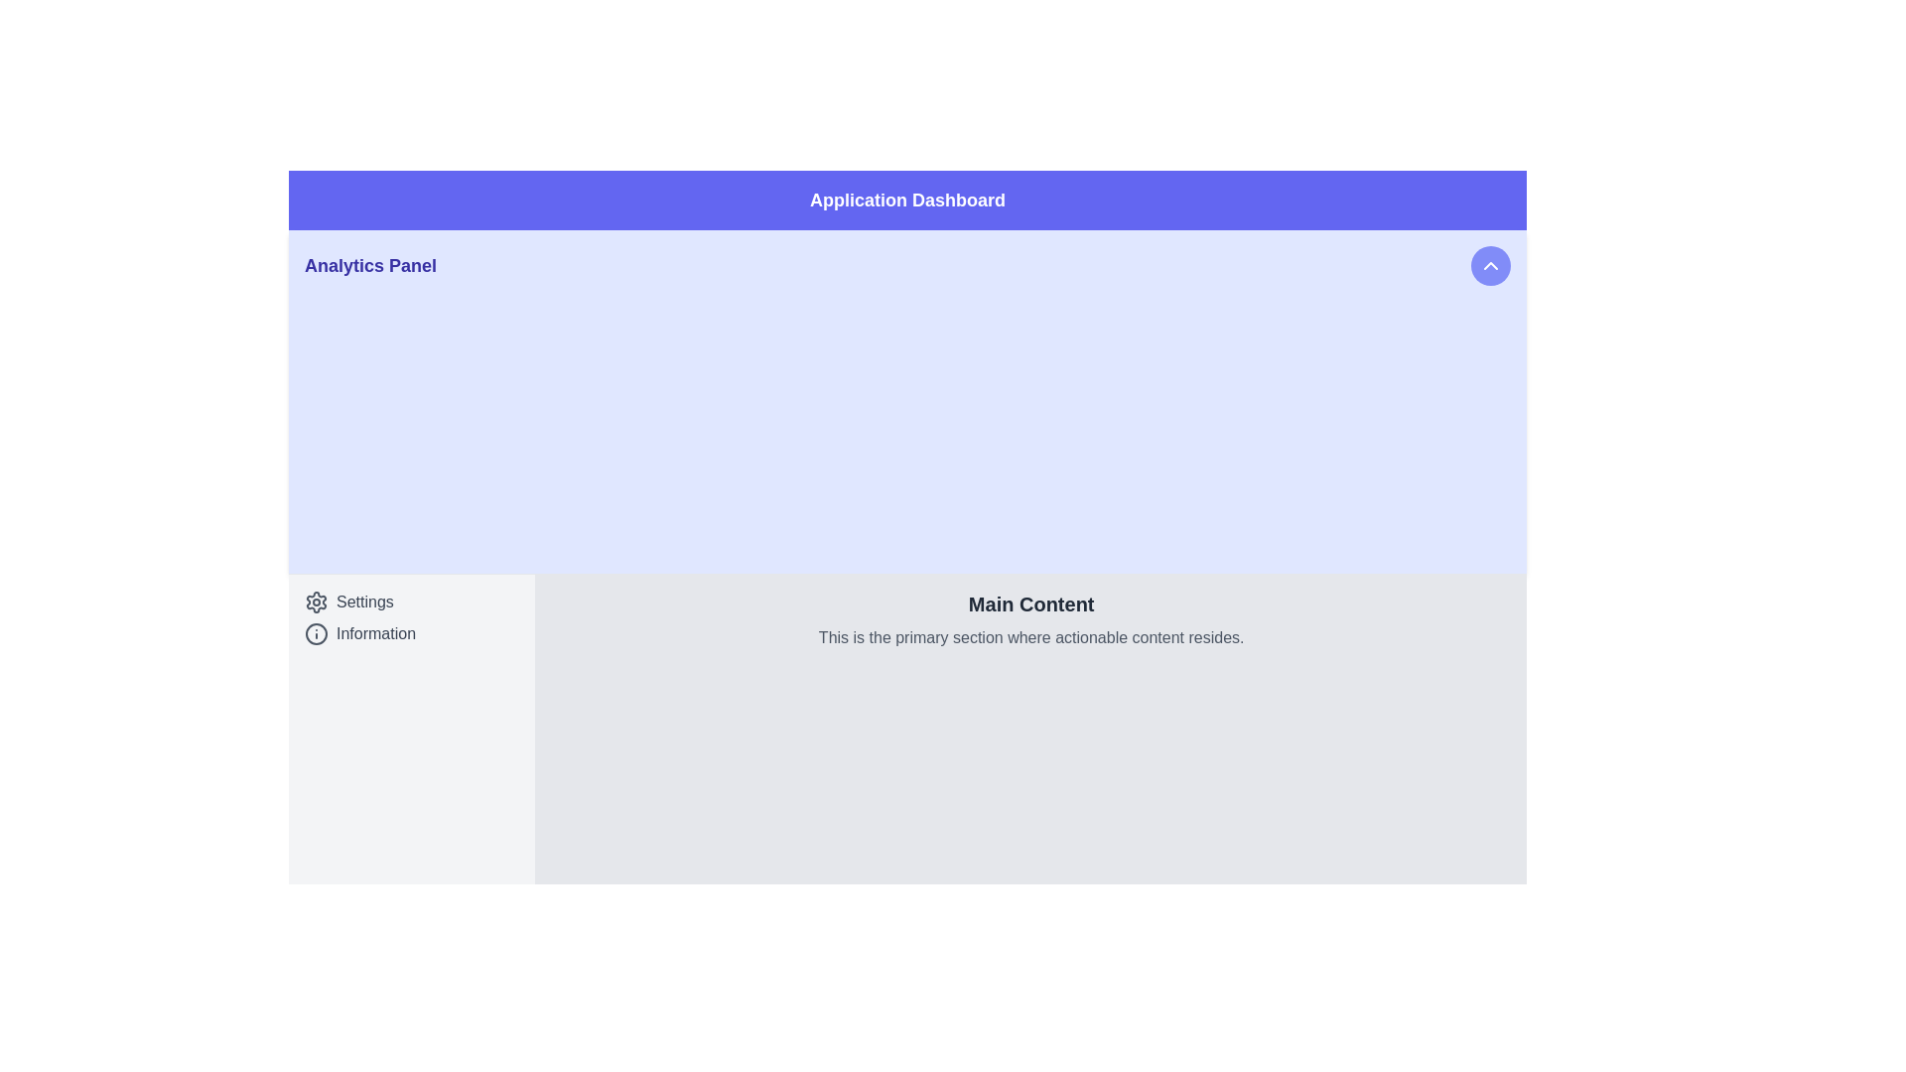  Describe the element at coordinates (1031, 603) in the screenshot. I see `the 'Main Content' text label, which is bold, large, and dark gray, located near the top-middle of the primary content section` at that location.